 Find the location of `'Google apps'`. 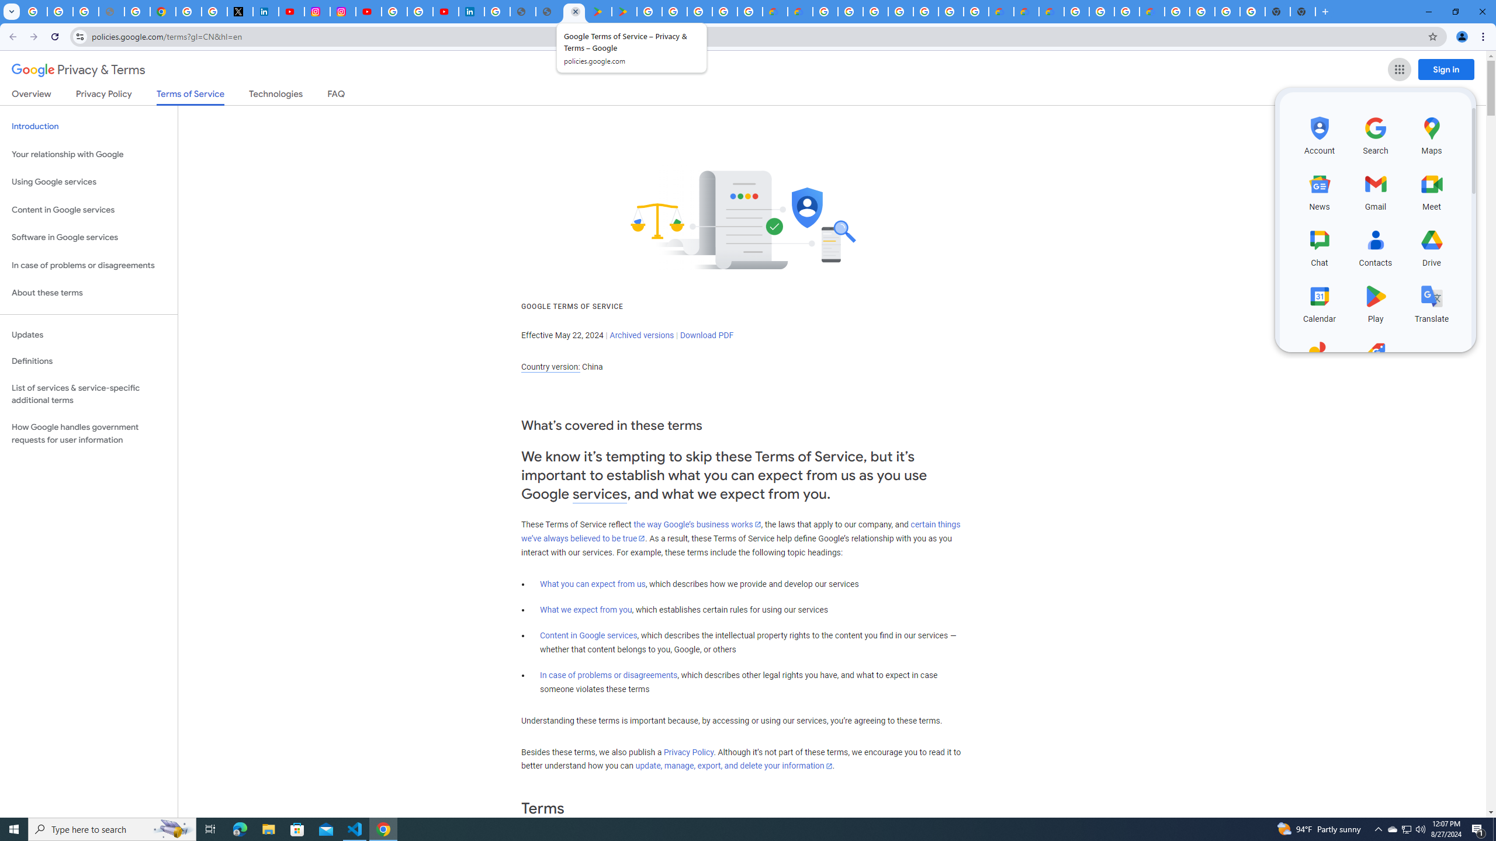

'Google apps' is located at coordinates (1398, 69).